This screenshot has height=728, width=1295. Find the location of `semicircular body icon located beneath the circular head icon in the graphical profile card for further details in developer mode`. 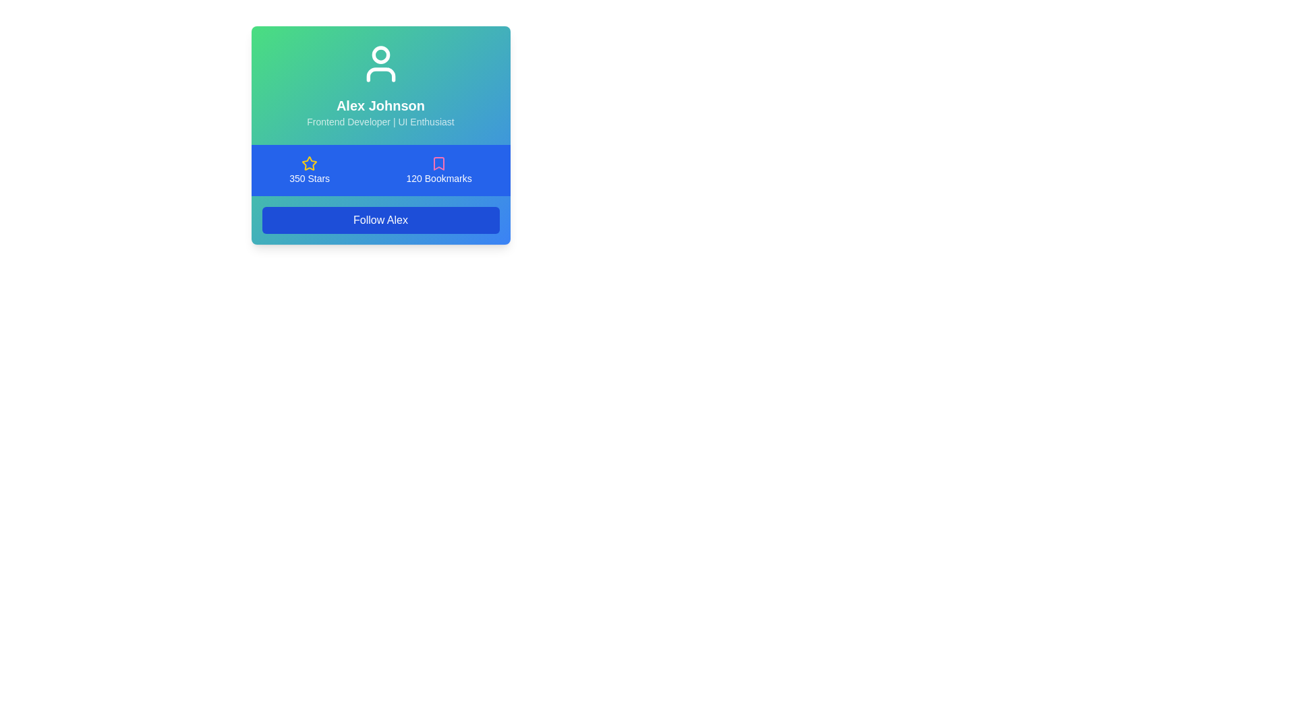

semicircular body icon located beneath the circular head icon in the graphical profile card for further details in developer mode is located at coordinates (380, 75).